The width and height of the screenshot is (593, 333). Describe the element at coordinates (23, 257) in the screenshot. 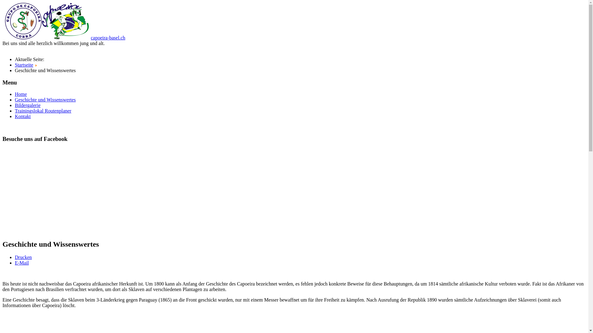

I see `'Drucken'` at that location.